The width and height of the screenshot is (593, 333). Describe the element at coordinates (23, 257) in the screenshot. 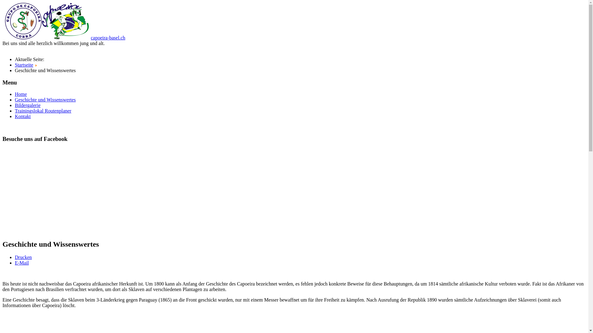

I see `'Drucken'` at that location.